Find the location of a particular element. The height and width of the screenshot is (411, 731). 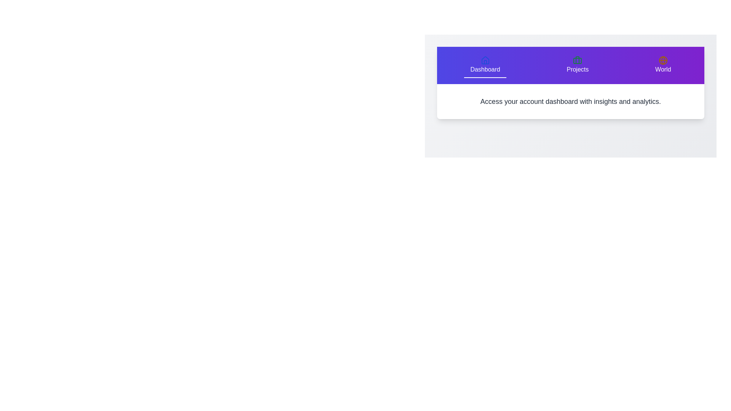

the 'Projects' tab to view its content is located at coordinates (578, 65).